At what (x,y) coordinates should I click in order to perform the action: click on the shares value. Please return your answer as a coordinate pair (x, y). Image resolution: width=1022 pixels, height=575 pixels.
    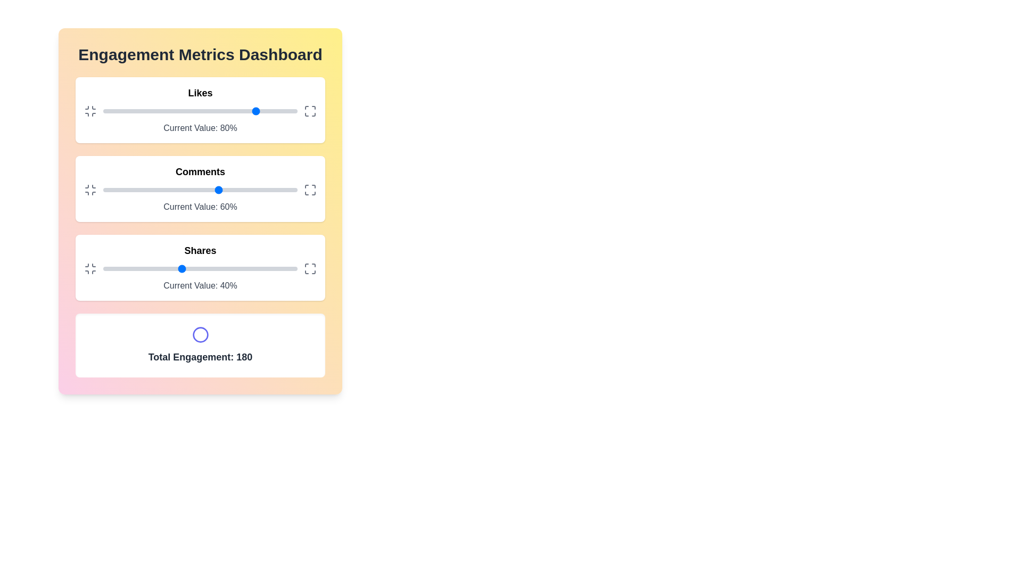
    Looking at the image, I should click on (252, 268).